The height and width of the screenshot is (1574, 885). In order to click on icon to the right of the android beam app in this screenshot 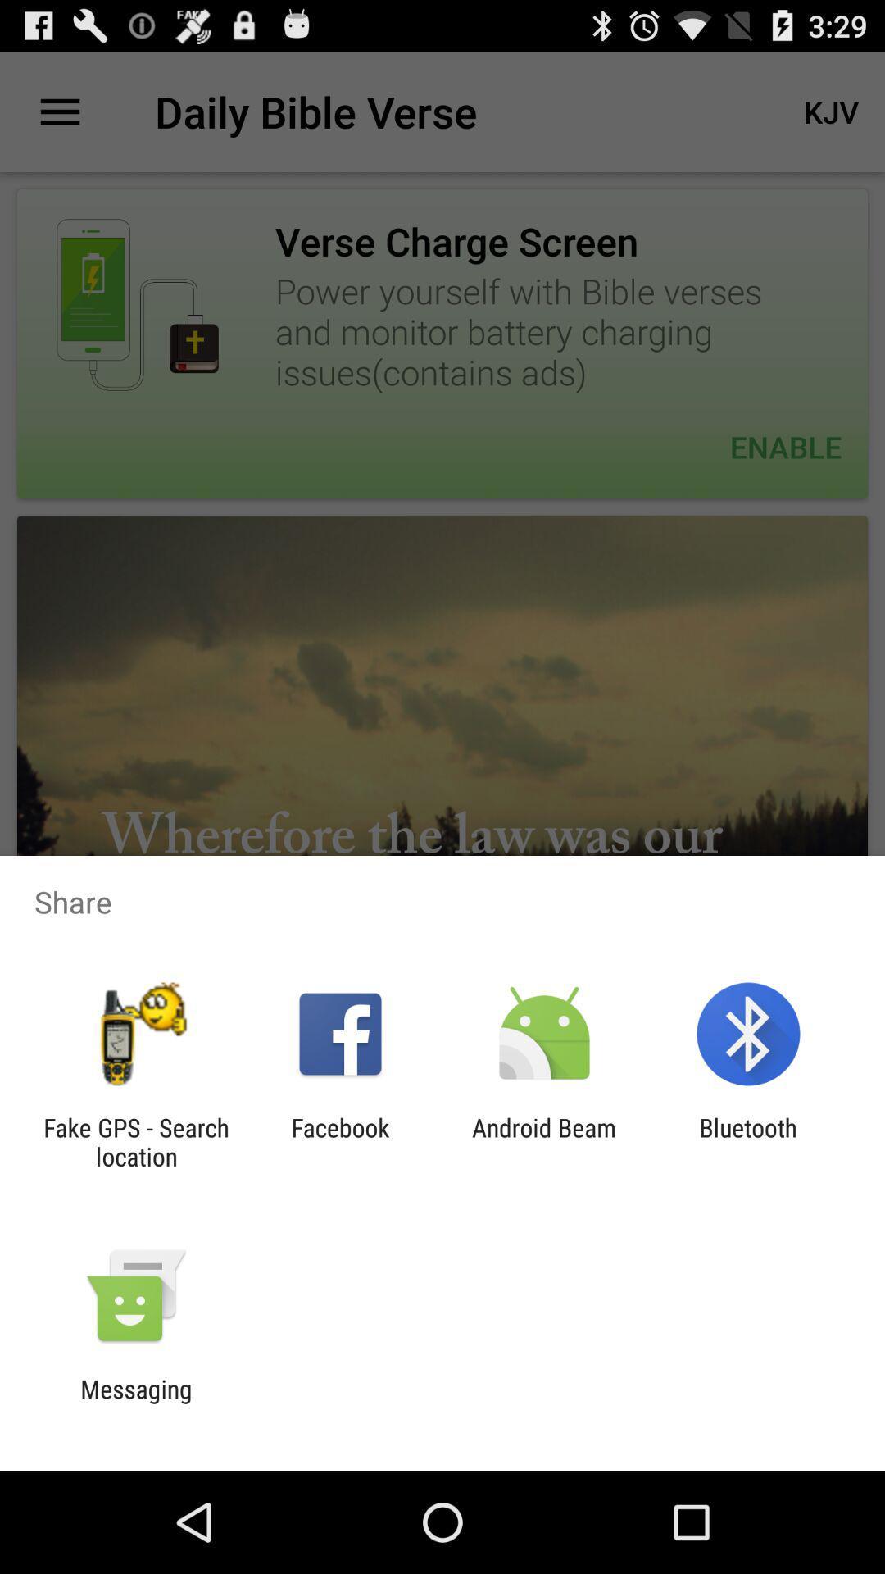, I will do `click(748, 1141)`.